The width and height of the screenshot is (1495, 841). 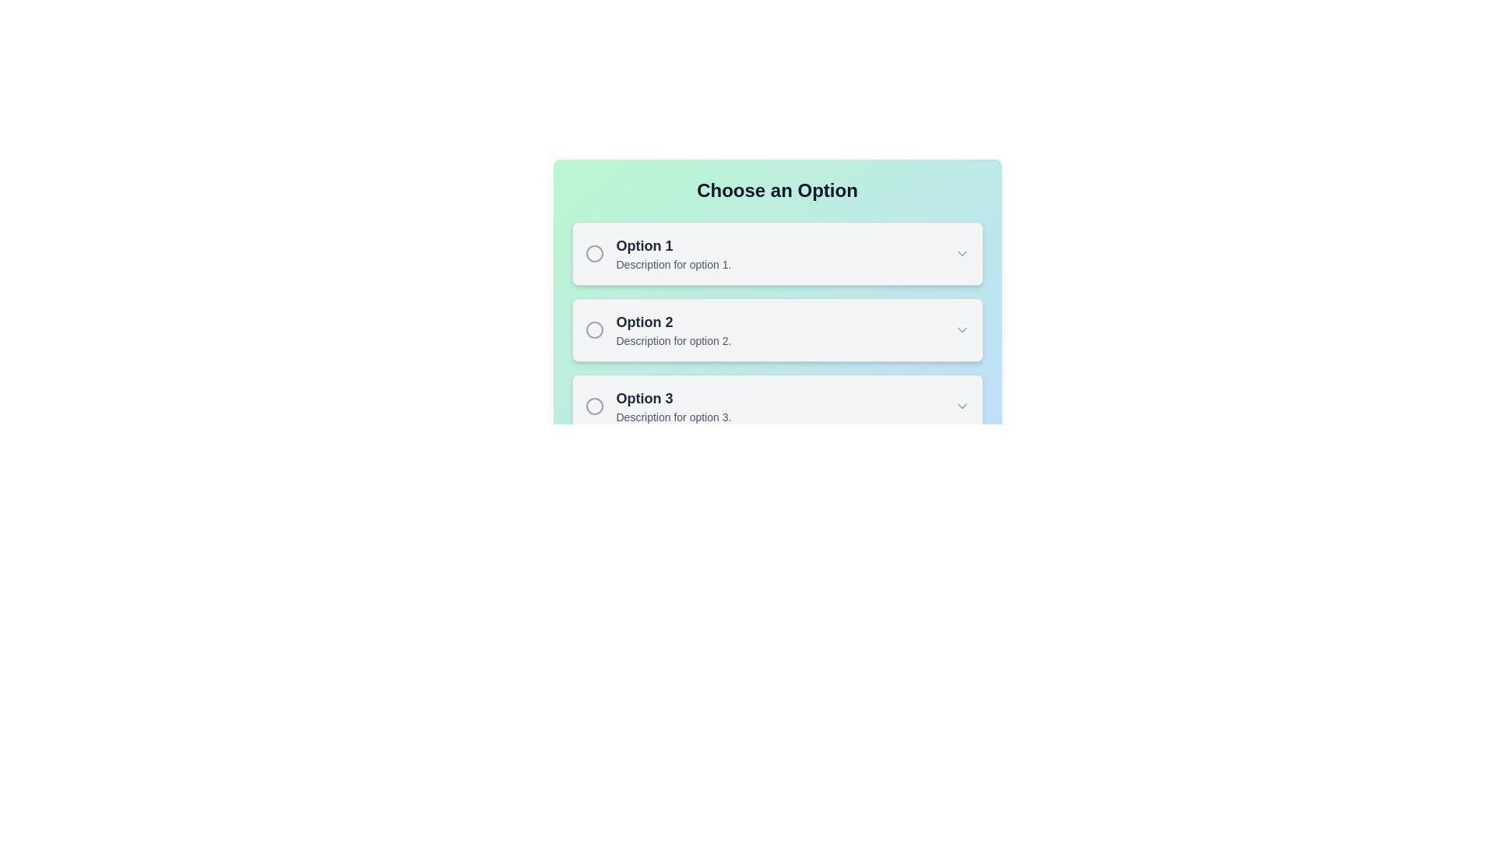 What do you see at coordinates (777, 405) in the screenshot?
I see `the third expandable list item labeled 'Option 3'` at bounding box center [777, 405].